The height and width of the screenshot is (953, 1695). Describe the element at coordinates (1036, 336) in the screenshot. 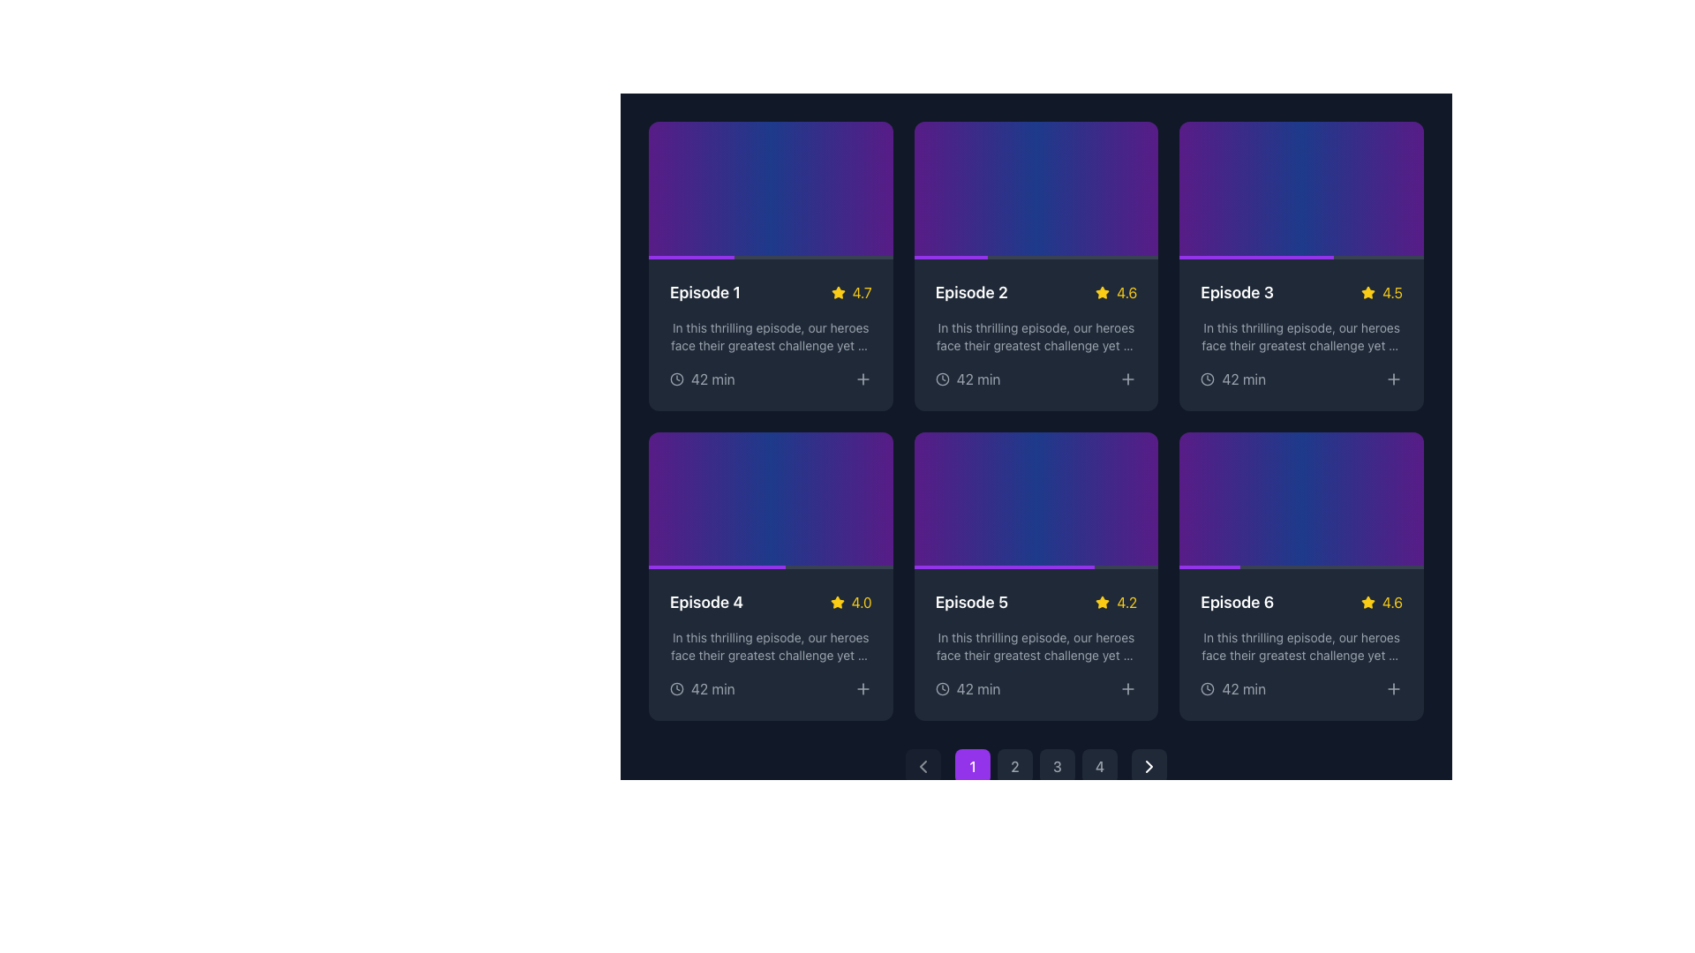

I see `contents of the gray text block providing an overview of Episode 2, located in the center-right area below the title and subtitle` at that location.